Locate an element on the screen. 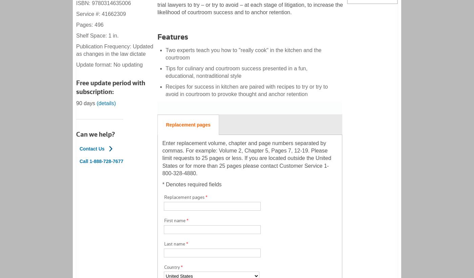  'Enter replacement volume, chapter and page numbers separated by commas. For example: Volume 2, Chapter 5, Pages 7, 12-19. Please limit requests to 25 pages or less. If you are located outside the United States or for more than 25 pages please contact Customer Service 1-800-328-4880.' is located at coordinates (246, 158).